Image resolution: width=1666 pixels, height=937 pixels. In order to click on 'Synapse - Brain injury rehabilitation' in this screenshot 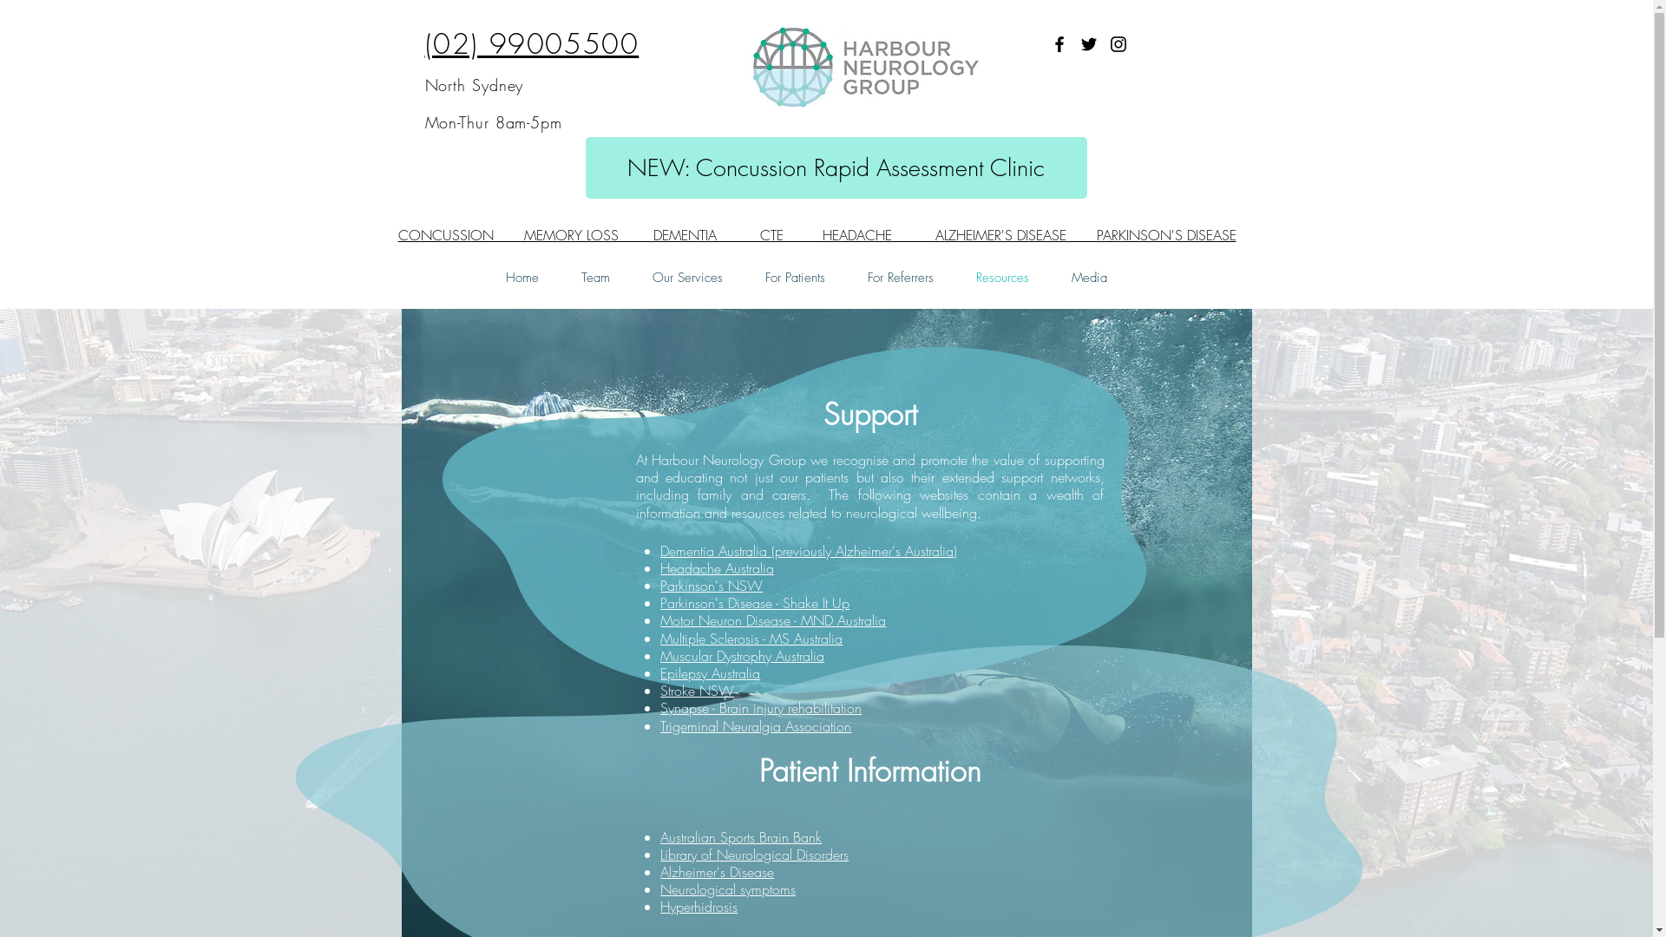, I will do `click(761, 708)`.